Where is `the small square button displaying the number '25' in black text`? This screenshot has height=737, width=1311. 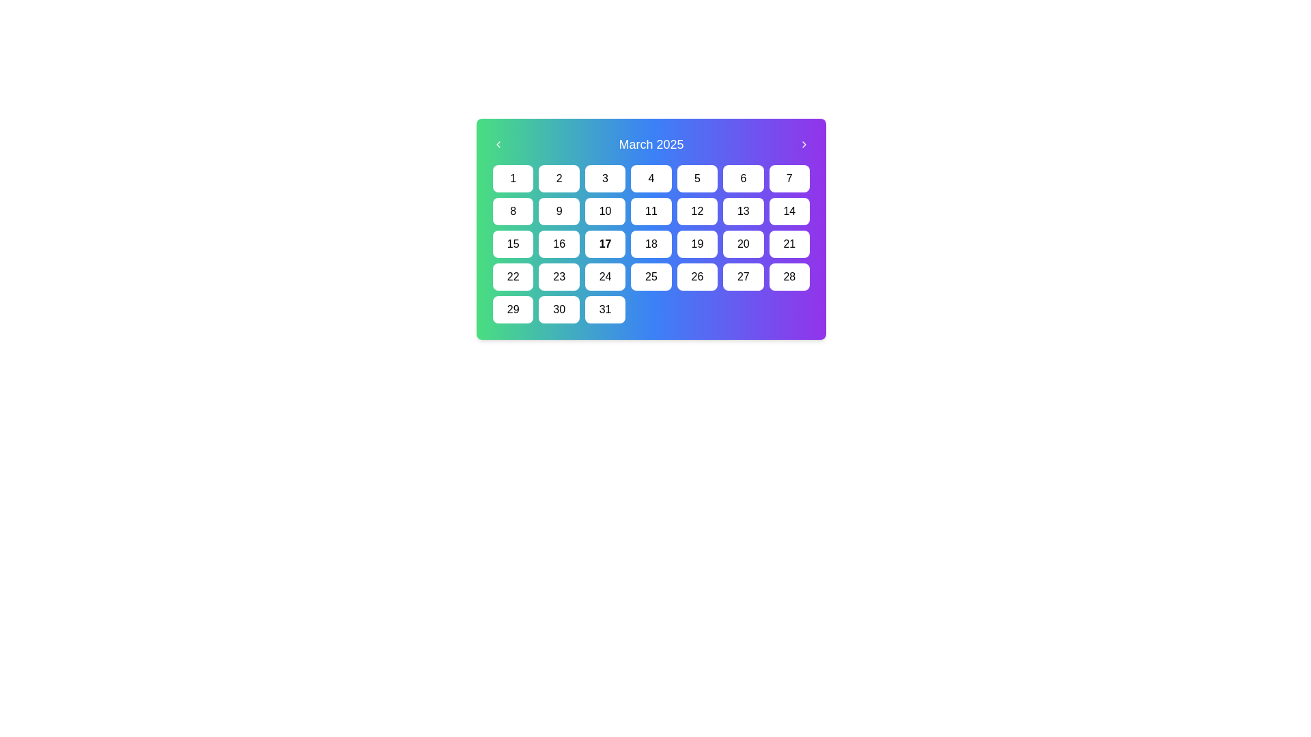
the small square button displaying the number '25' in black text is located at coordinates (651, 276).